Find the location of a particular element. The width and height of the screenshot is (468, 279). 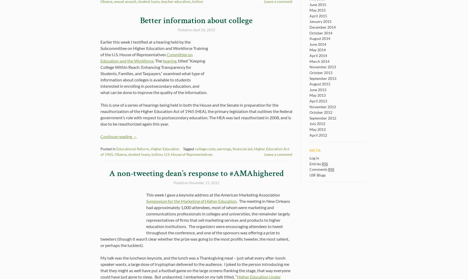

'December 2014' is located at coordinates (322, 27).